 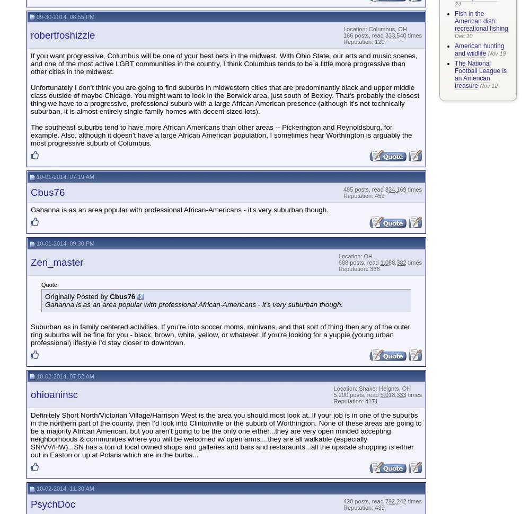 I want to click on 'Dec 24', so click(x=482, y=10).